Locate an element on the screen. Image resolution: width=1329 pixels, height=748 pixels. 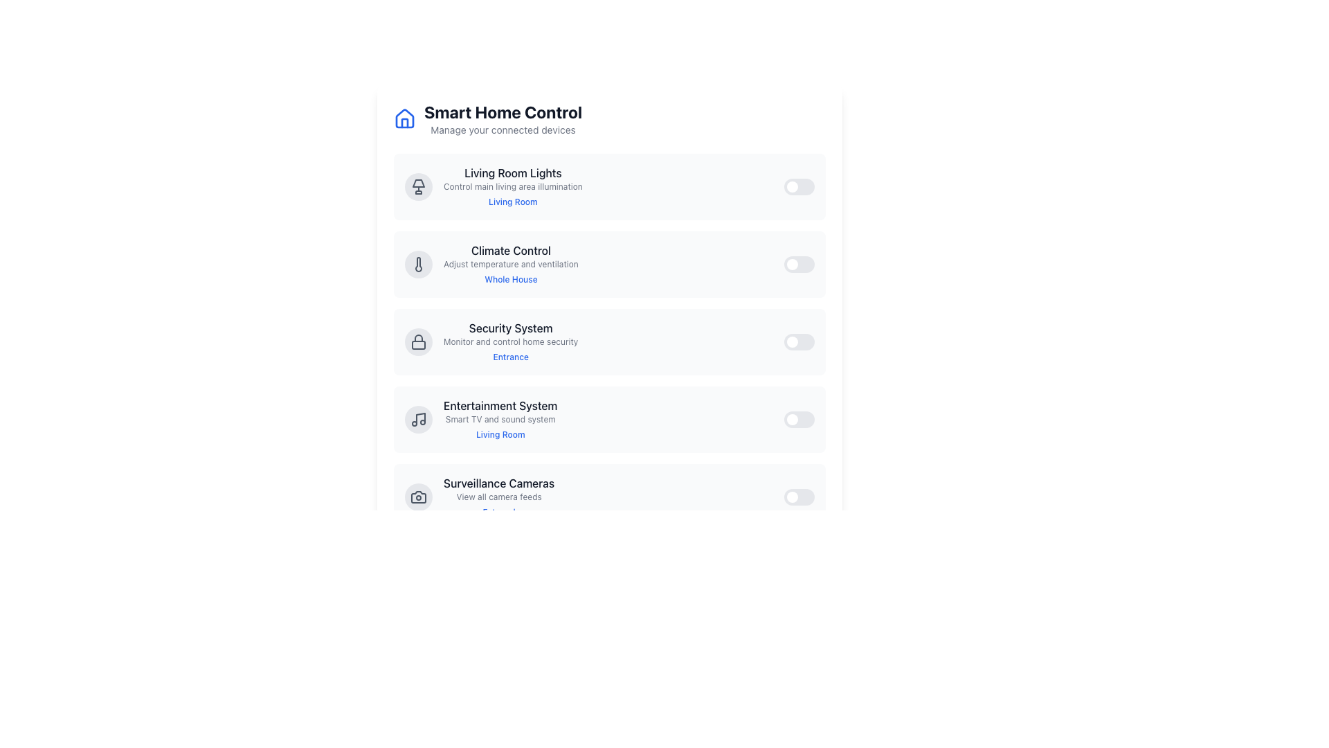
the camera icon in the 'Surveillance Cameras' section to interact with it is located at coordinates (417, 496).